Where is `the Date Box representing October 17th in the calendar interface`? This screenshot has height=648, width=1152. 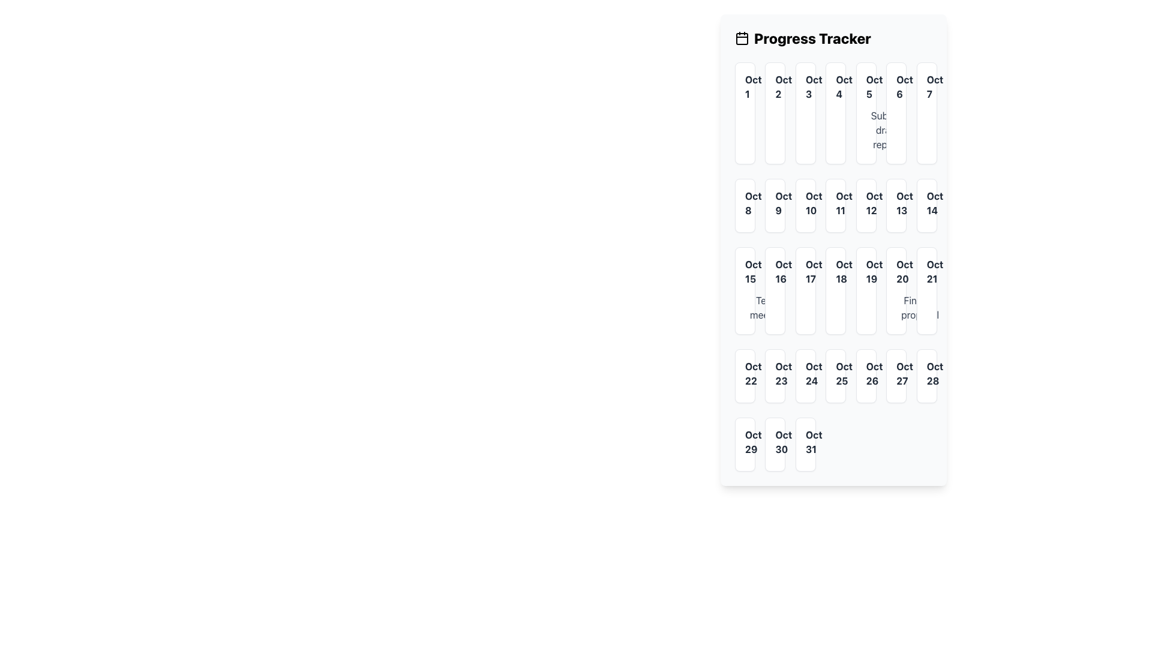
the Date Box representing October 17th in the calendar interface is located at coordinates (805, 291).